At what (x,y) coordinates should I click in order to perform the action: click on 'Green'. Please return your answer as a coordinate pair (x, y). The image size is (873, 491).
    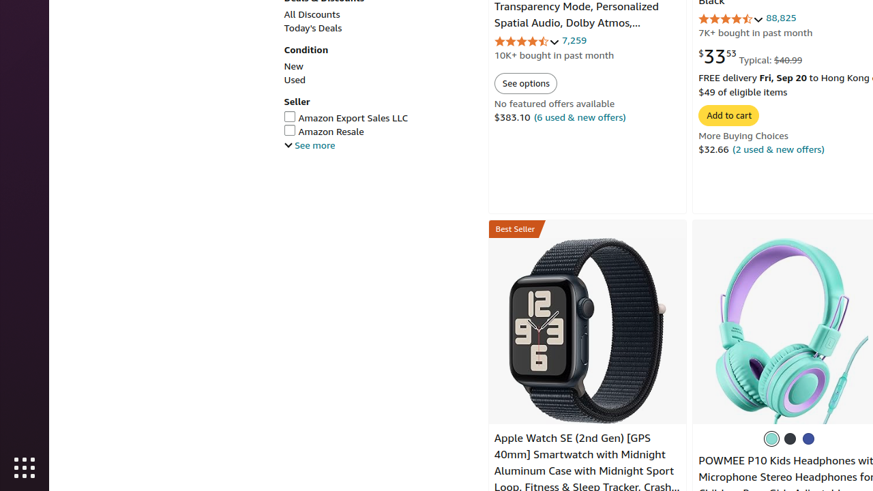
    Looking at the image, I should click on (772, 438).